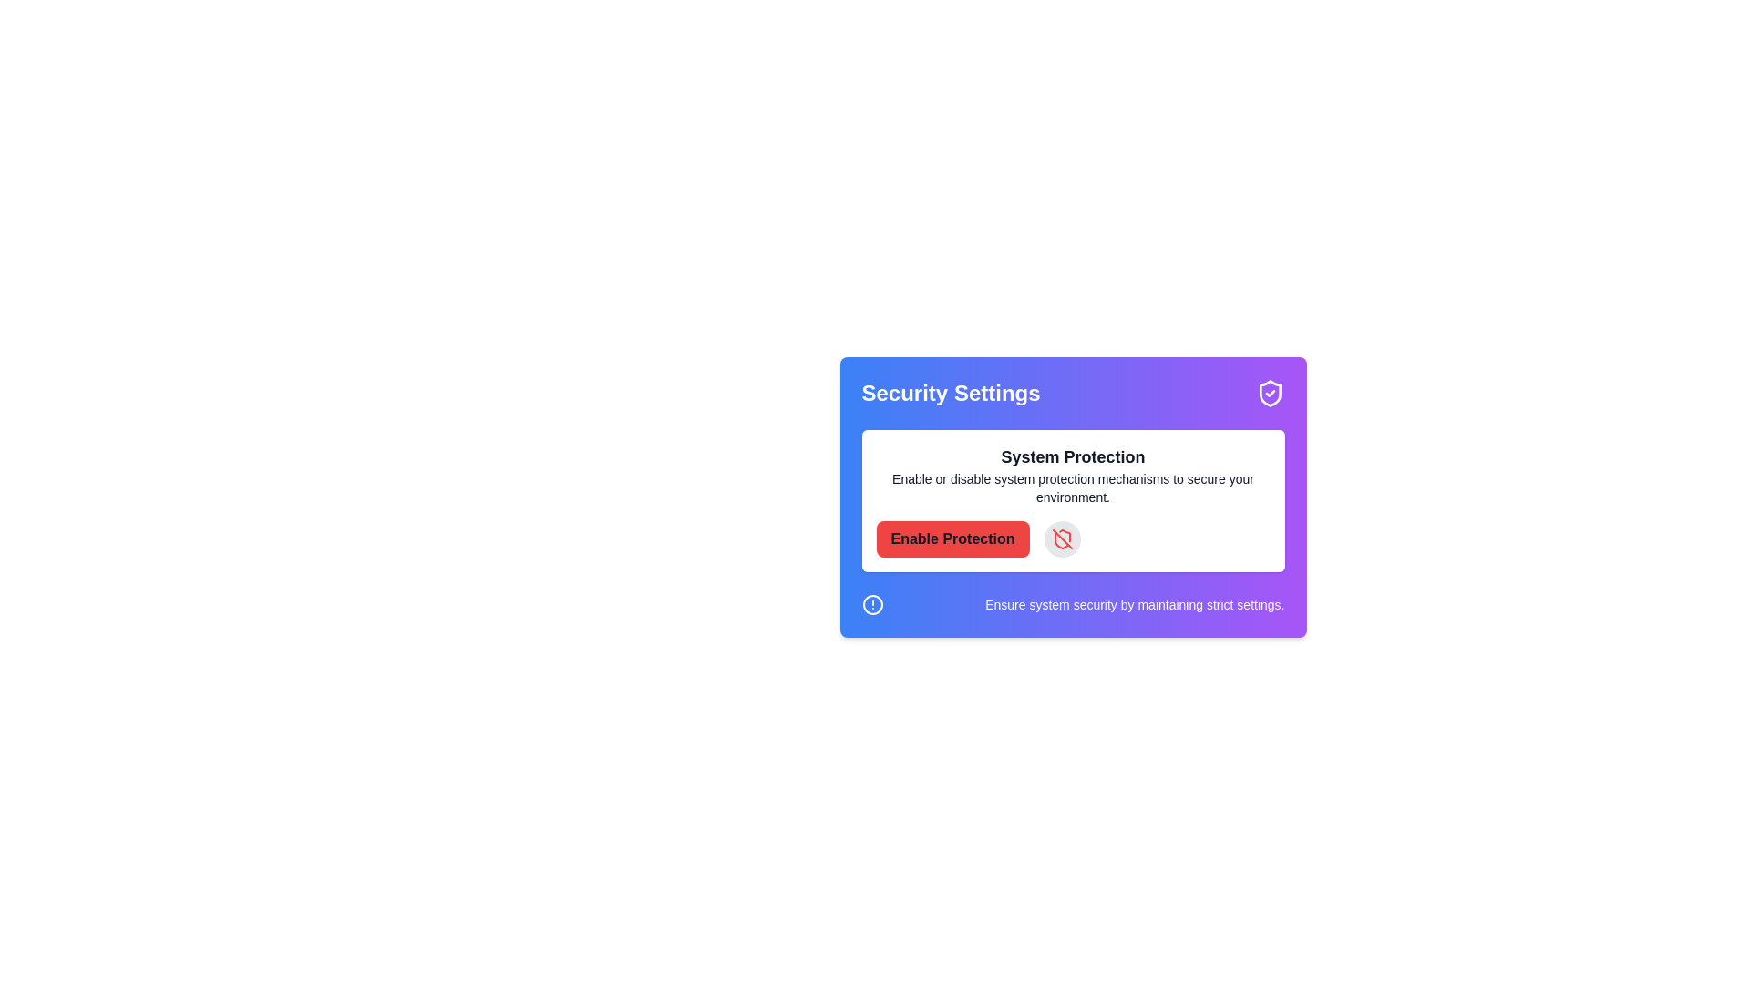 Image resolution: width=1750 pixels, height=984 pixels. Describe the element at coordinates (1061, 539) in the screenshot. I see `the 'disabled protection' icon located to the right of the 'Enable Protection' red button in the 'Security Settings' interface` at that location.